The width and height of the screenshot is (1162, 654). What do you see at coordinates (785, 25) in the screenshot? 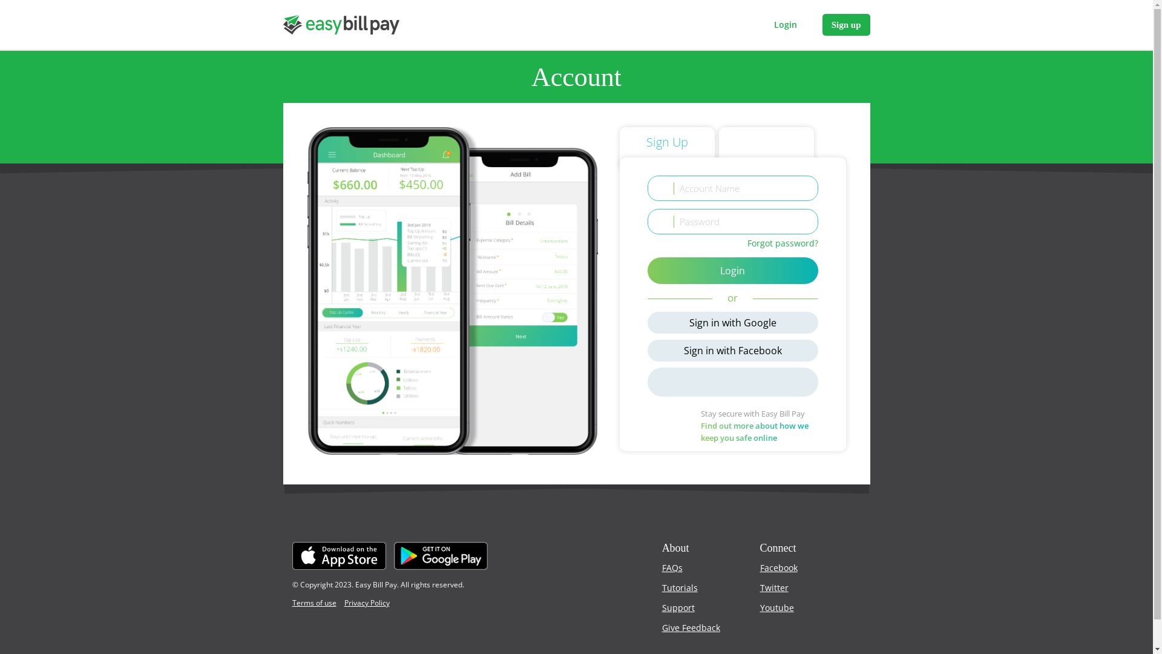
I see `'Login'` at bounding box center [785, 25].